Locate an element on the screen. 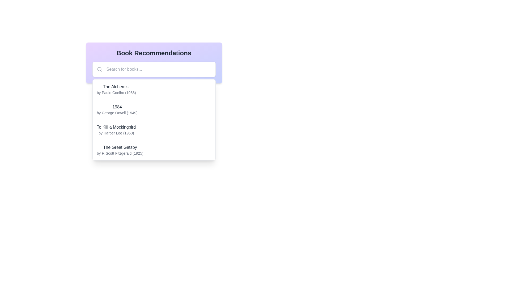 The width and height of the screenshot is (510, 287). text content of the book entry displaying 'To Kill a Mockingbird' by Harper Lee (1960), which is the third entry in the list of book recommendations is located at coordinates (116, 130).